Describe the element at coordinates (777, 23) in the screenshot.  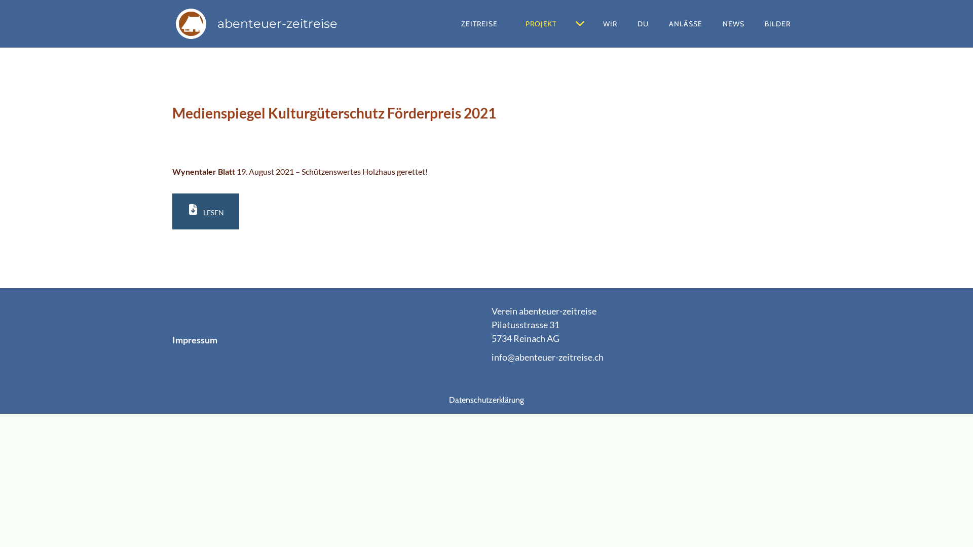
I see `'BILDER'` at that location.